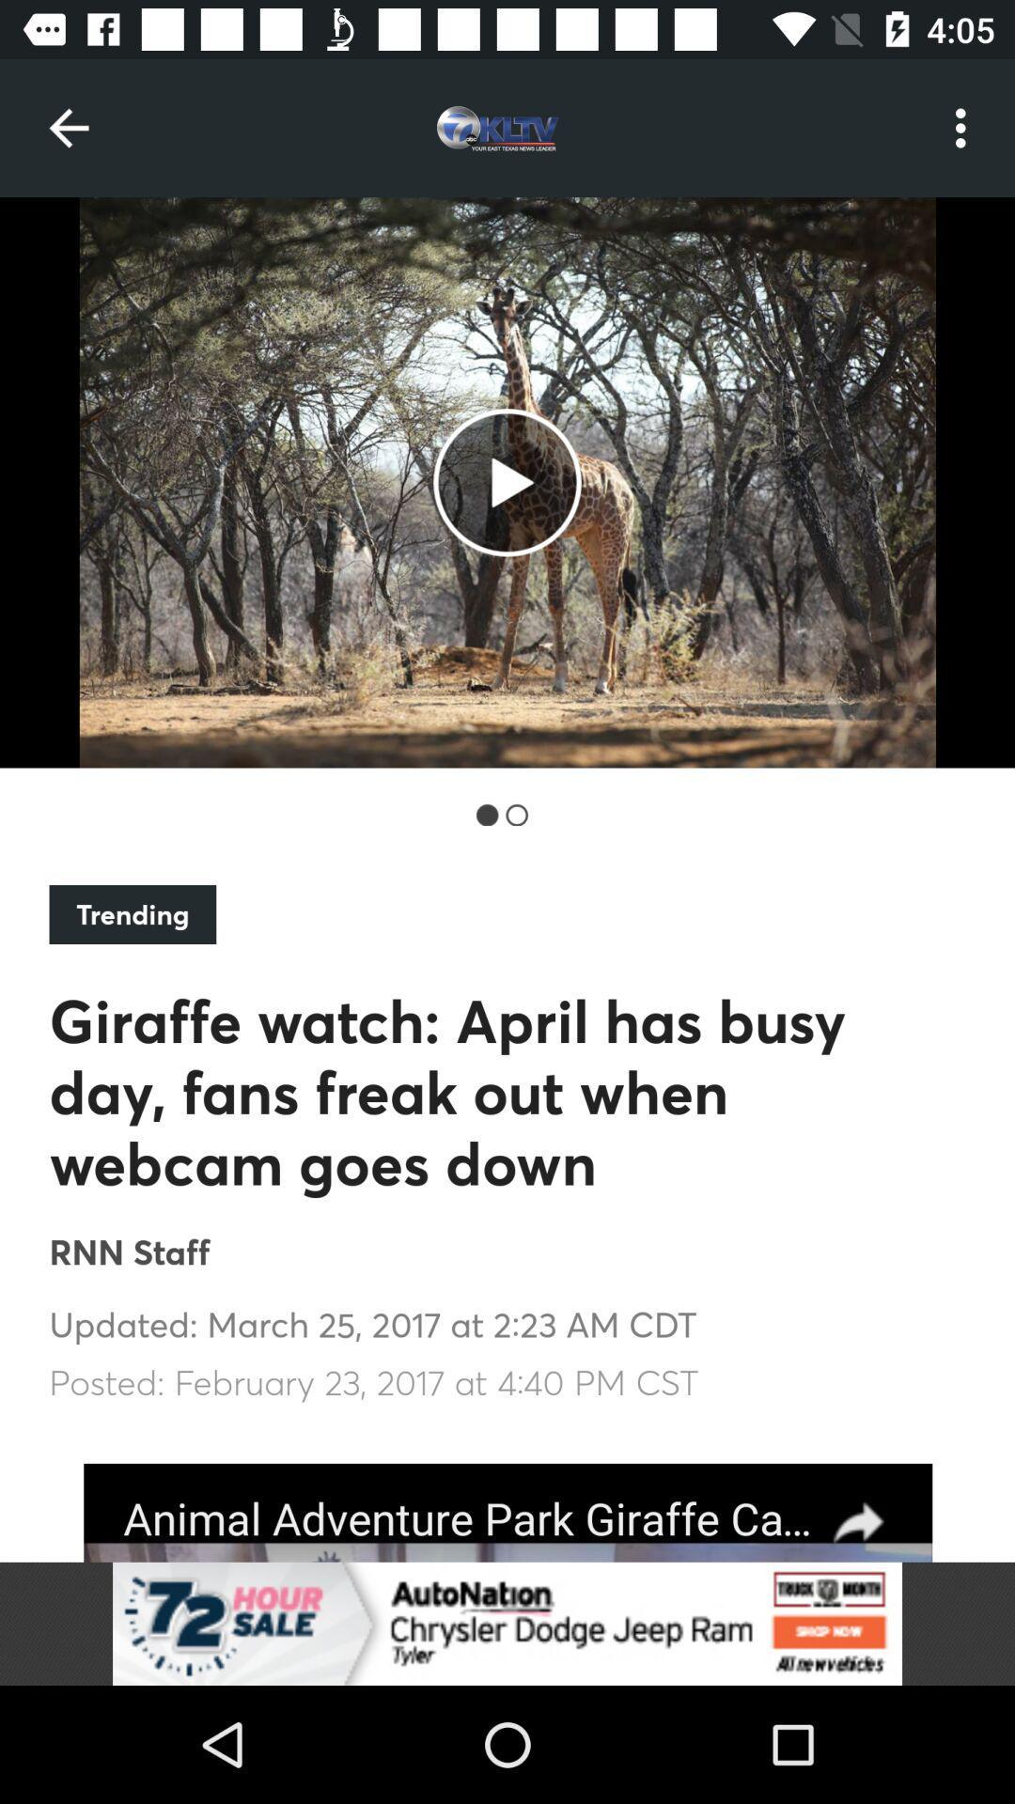 The width and height of the screenshot is (1015, 1804). What do you see at coordinates (507, 1513) in the screenshot?
I see `forward button` at bounding box center [507, 1513].